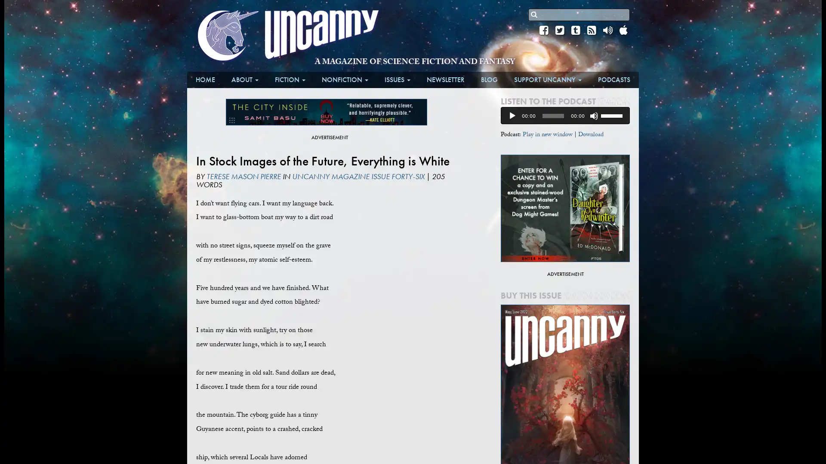 Image resolution: width=826 pixels, height=464 pixels. What do you see at coordinates (512, 116) in the screenshot?
I see `Play` at bounding box center [512, 116].